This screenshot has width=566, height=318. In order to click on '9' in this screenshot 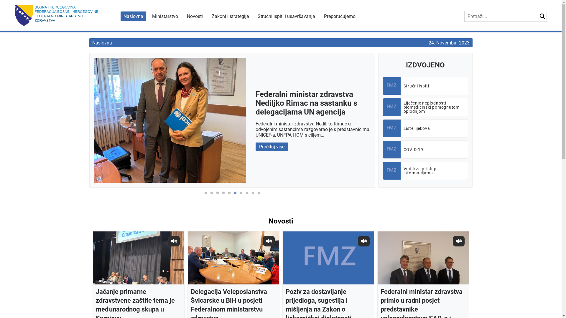, I will do `click(253, 196)`.